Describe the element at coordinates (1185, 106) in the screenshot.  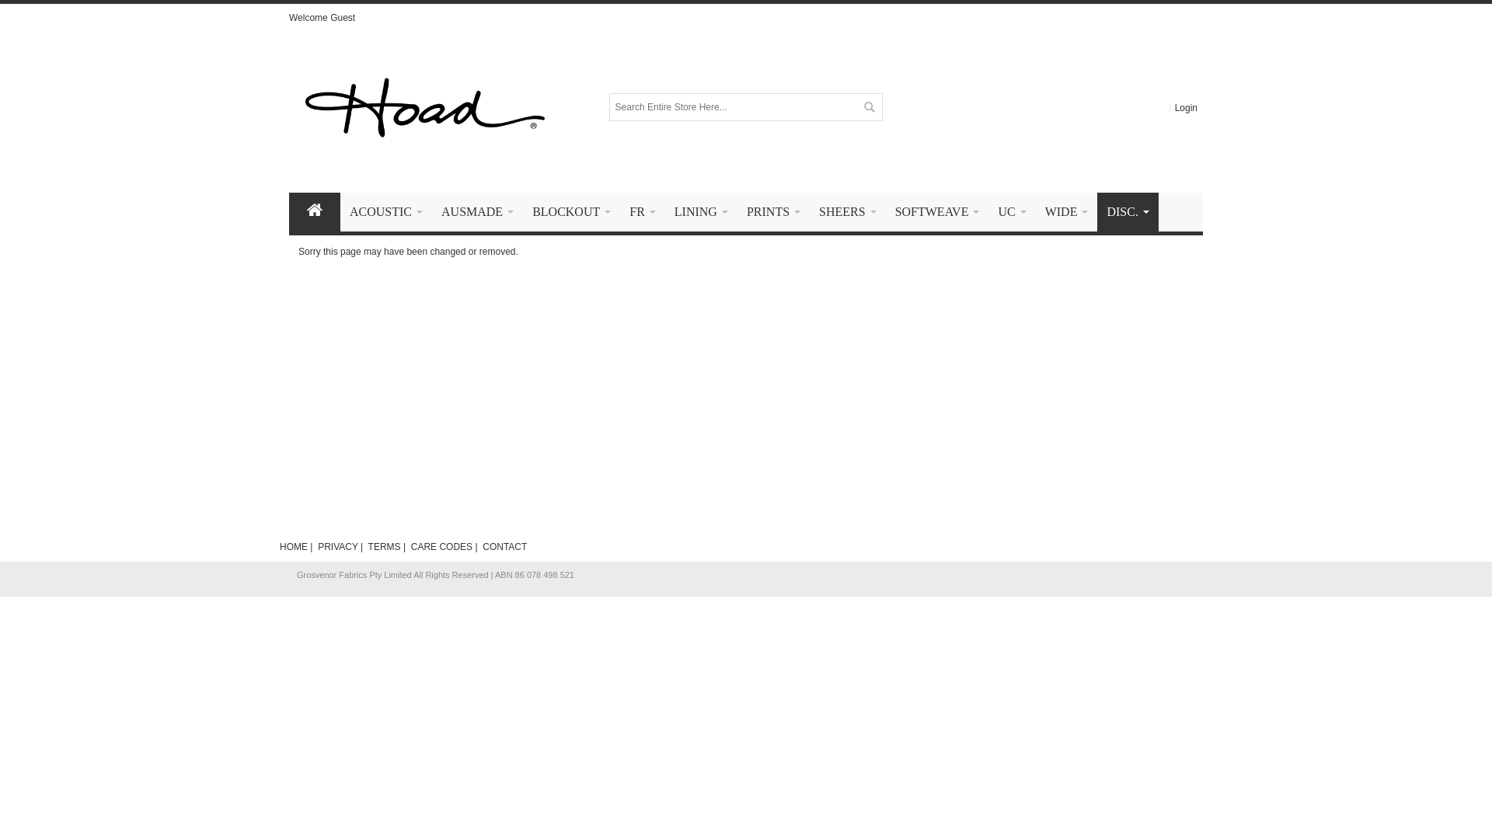
I see `'Login'` at that location.